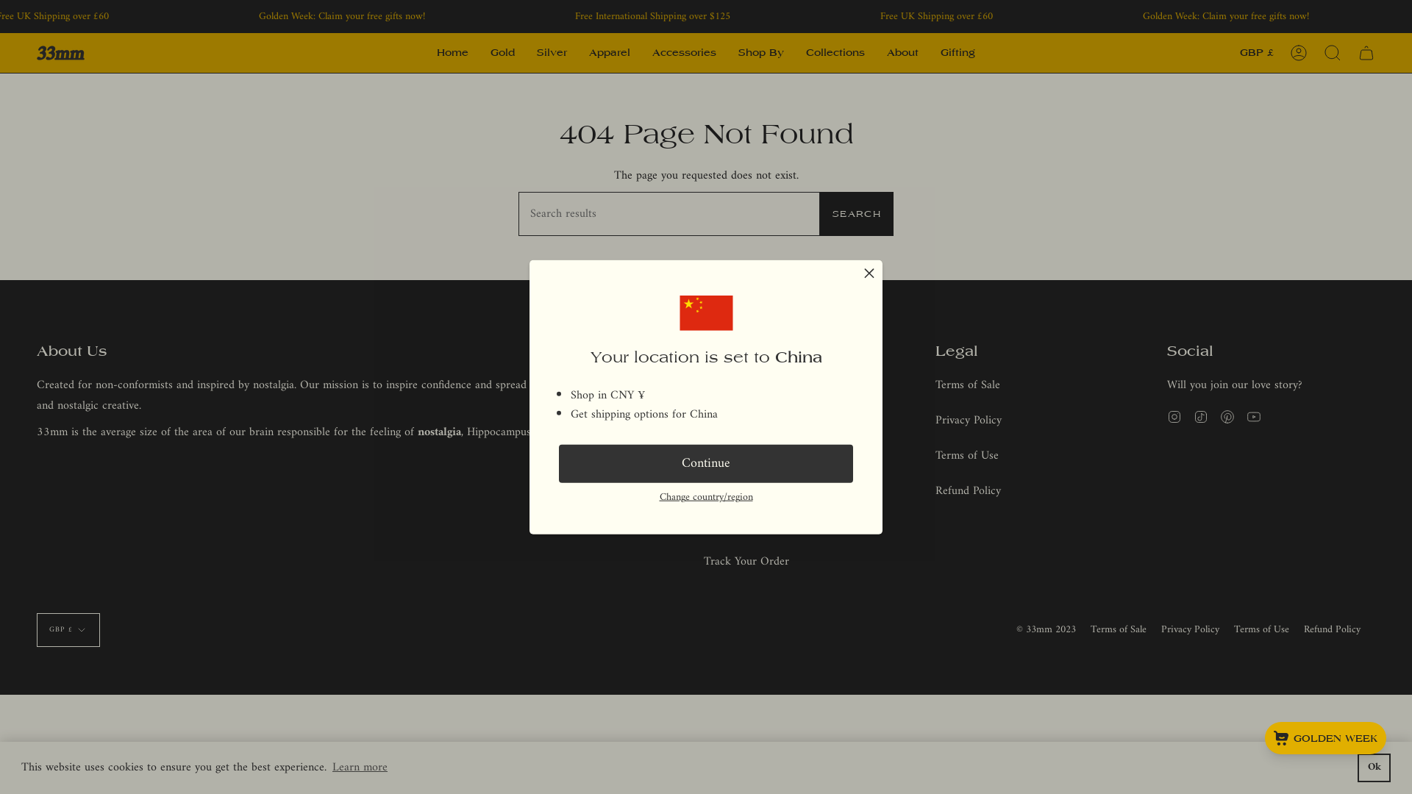  What do you see at coordinates (610, 52) in the screenshot?
I see `'Apparel'` at bounding box center [610, 52].